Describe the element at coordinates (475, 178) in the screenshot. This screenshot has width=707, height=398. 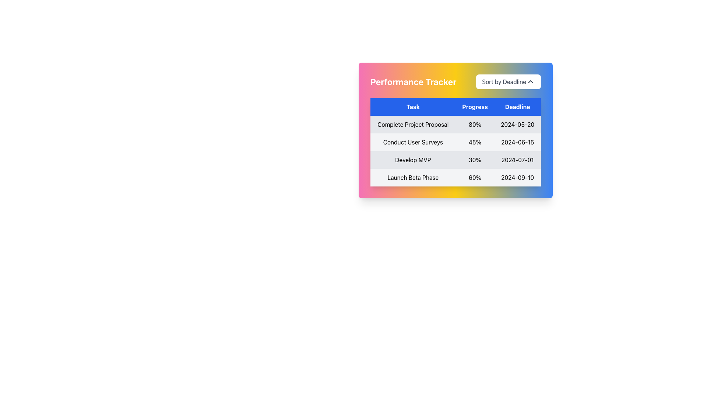
I see `the text label displaying the progress percentage of the task 'Launch Beta Phase' located in the second column of the last row of the table within the 'Performance Tracker' card` at that location.